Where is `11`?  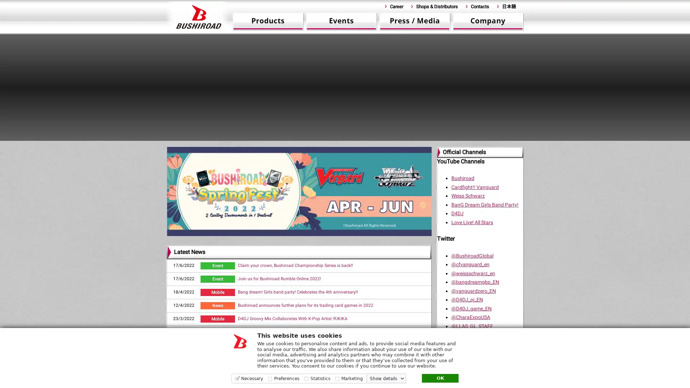
11 is located at coordinates (372, 138).